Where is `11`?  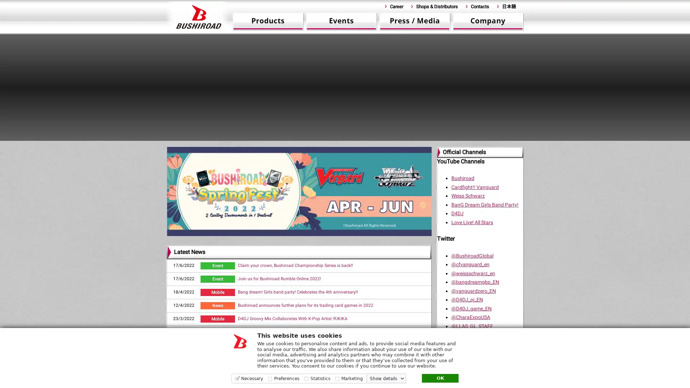
11 is located at coordinates (372, 138).